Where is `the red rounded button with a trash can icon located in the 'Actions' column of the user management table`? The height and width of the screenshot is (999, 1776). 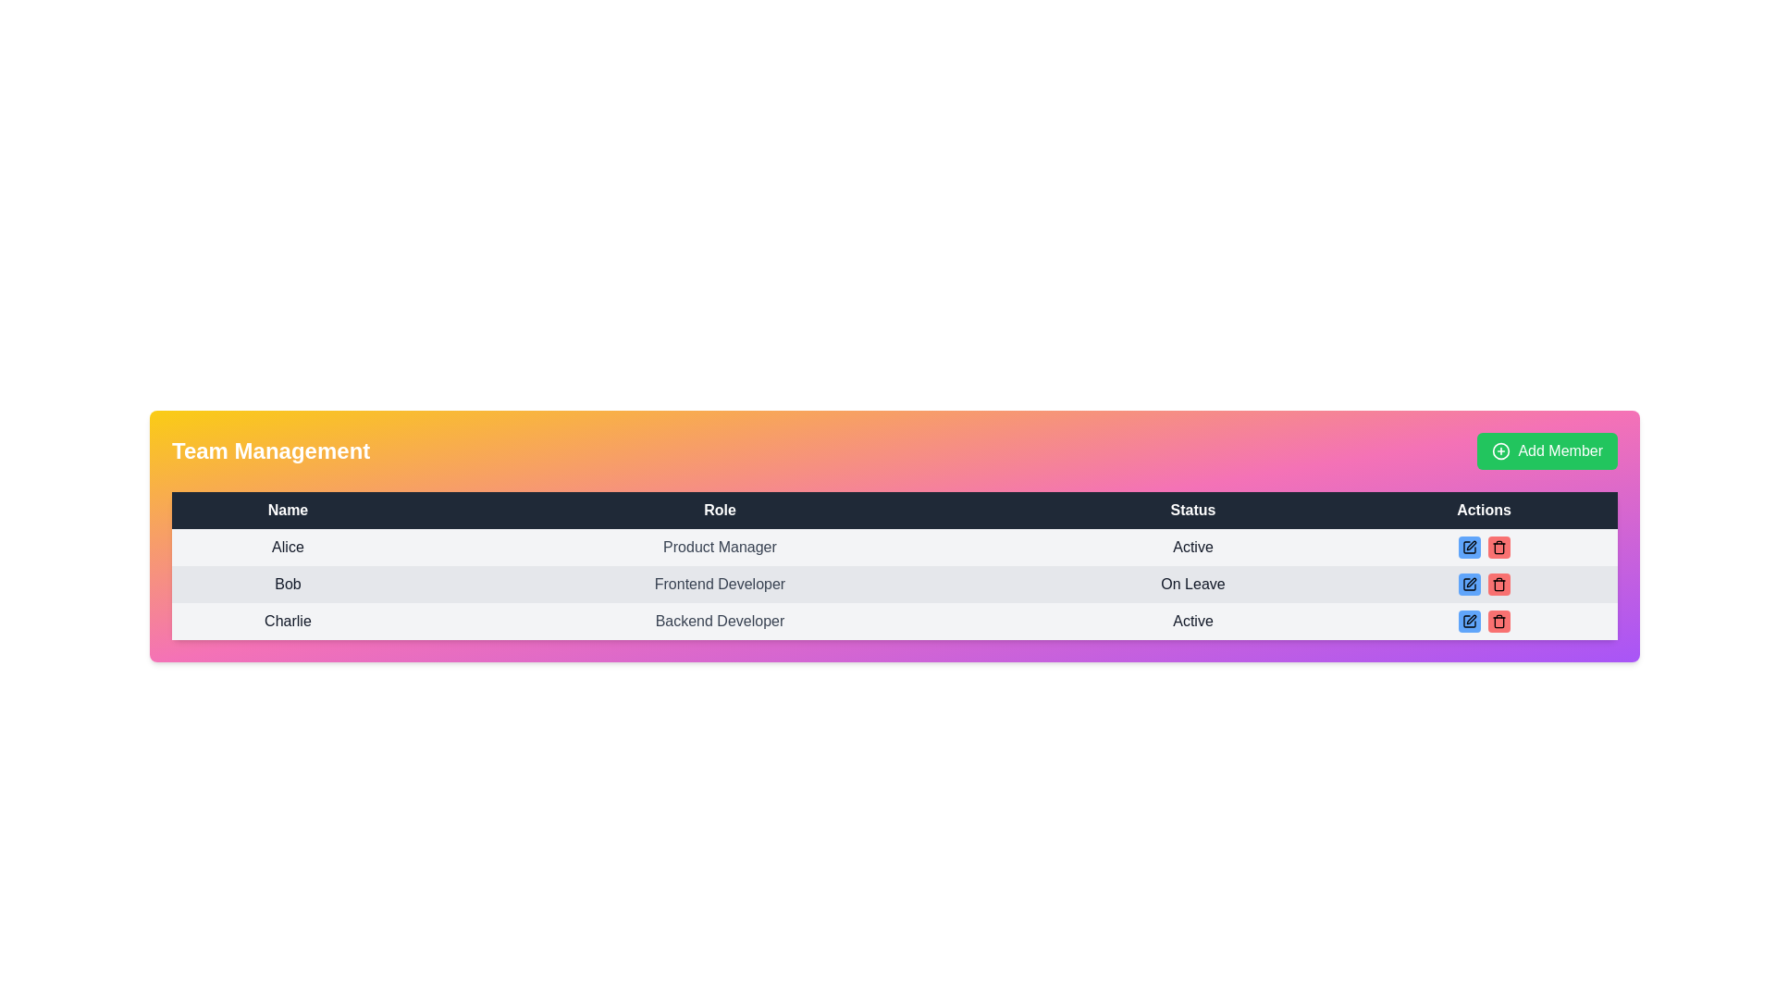 the red rounded button with a trash can icon located in the 'Actions' column of the user management table is located at coordinates (1498, 621).